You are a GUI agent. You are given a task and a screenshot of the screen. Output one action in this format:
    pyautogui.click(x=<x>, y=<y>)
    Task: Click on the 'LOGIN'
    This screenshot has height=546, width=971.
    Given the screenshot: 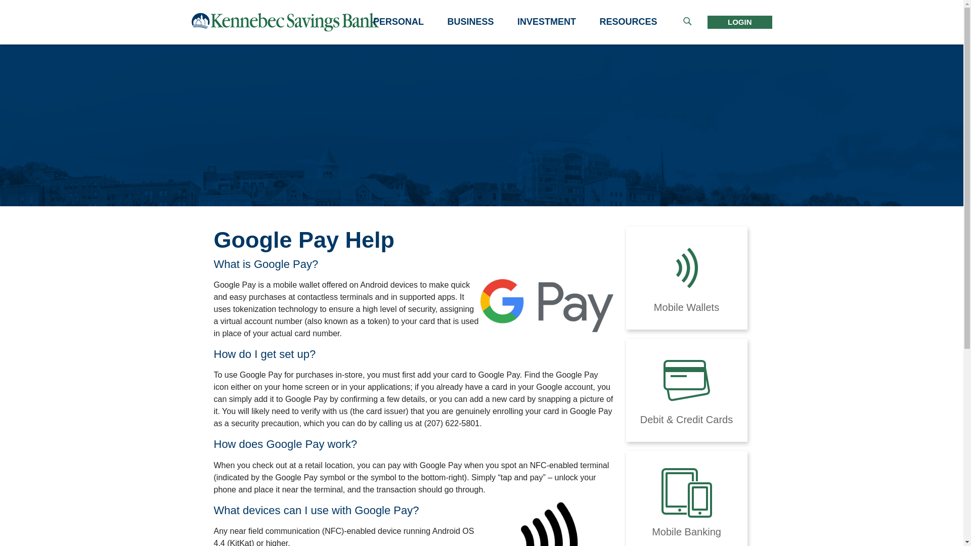 What is the action you would take?
    pyautogui.click(x=740, y=22)
    